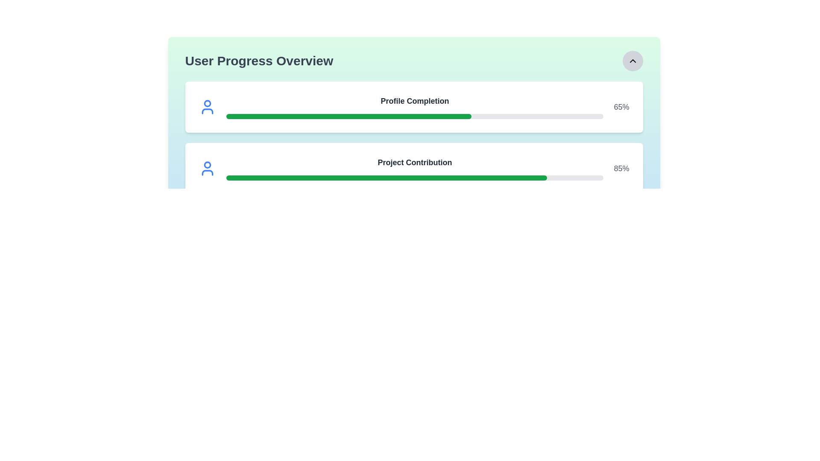 The width and height of the screenshot is (820, 461). What do you see at coordinates (415, 100) in the screenshot?
I see `the static text label that describes the progress being tracked, located above the green progress indicator in the card-like section of the interface` at bounding box center [415, 100].